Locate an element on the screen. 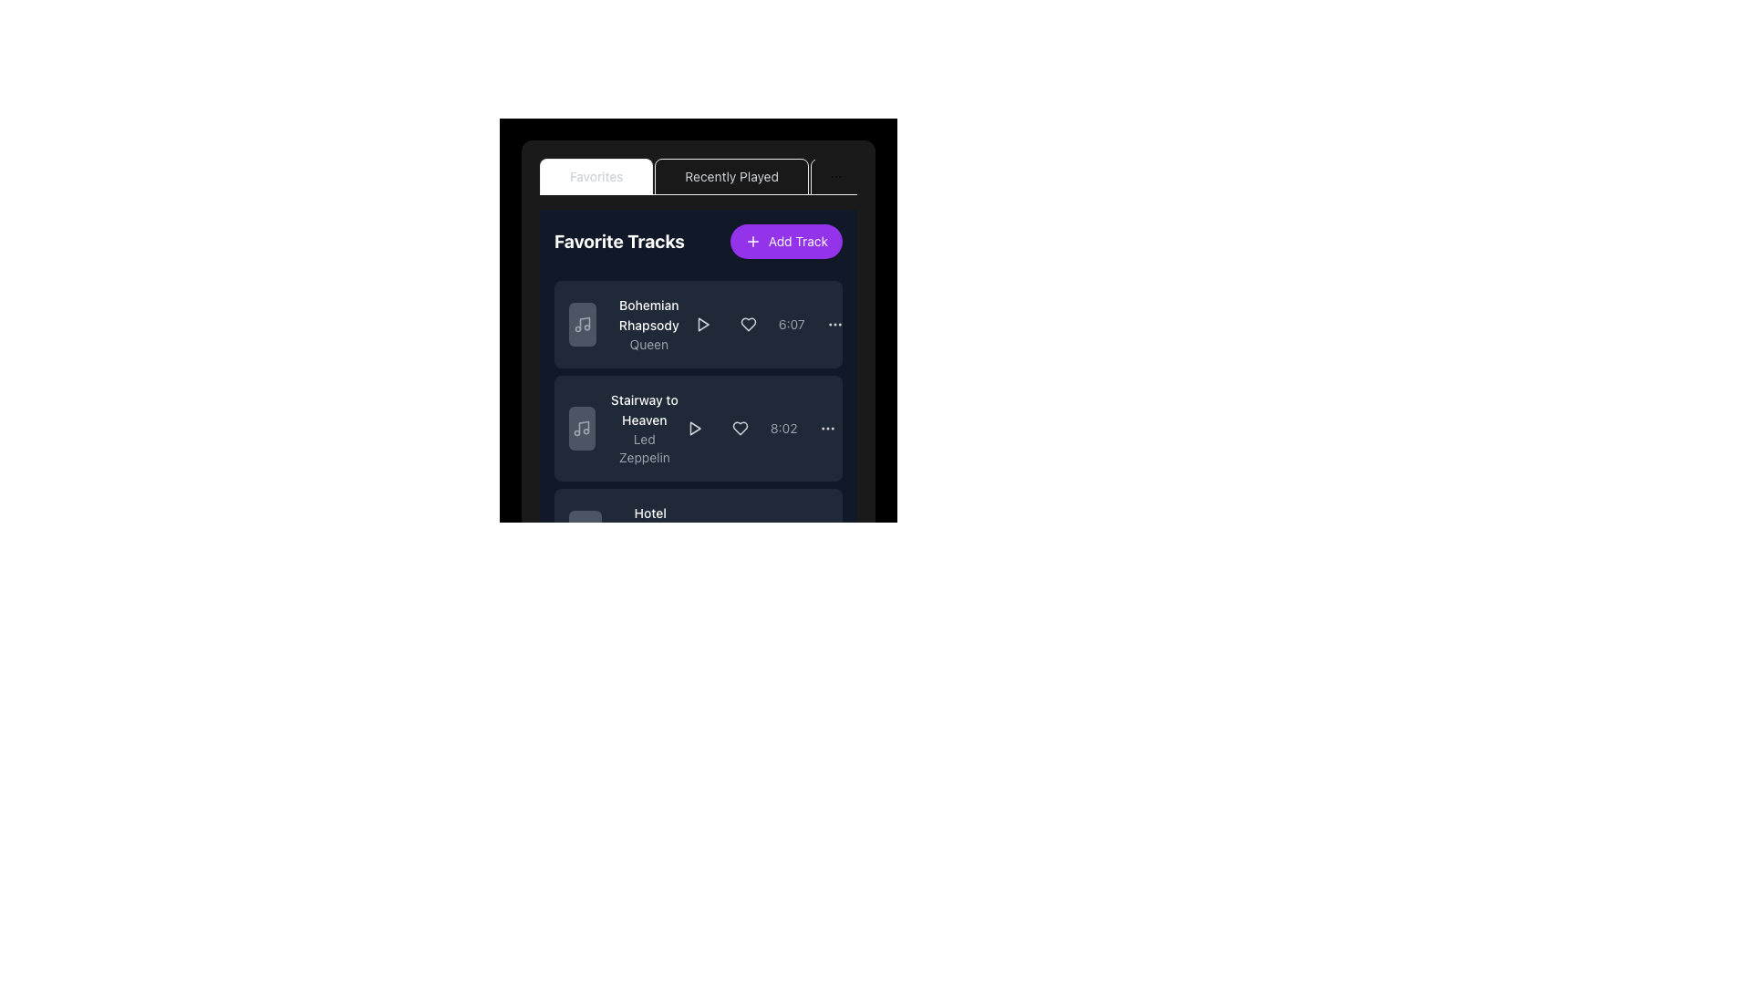 This screenshot has width=1751, height=985. the second heart icon button next to the track titled 'Stairway to Heaven' by Led Zeppelin is located at coordinates (740, 429).